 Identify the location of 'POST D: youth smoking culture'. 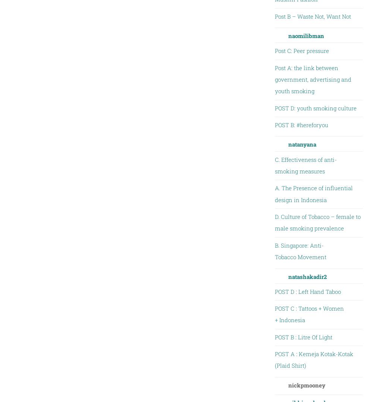
(315, 108).